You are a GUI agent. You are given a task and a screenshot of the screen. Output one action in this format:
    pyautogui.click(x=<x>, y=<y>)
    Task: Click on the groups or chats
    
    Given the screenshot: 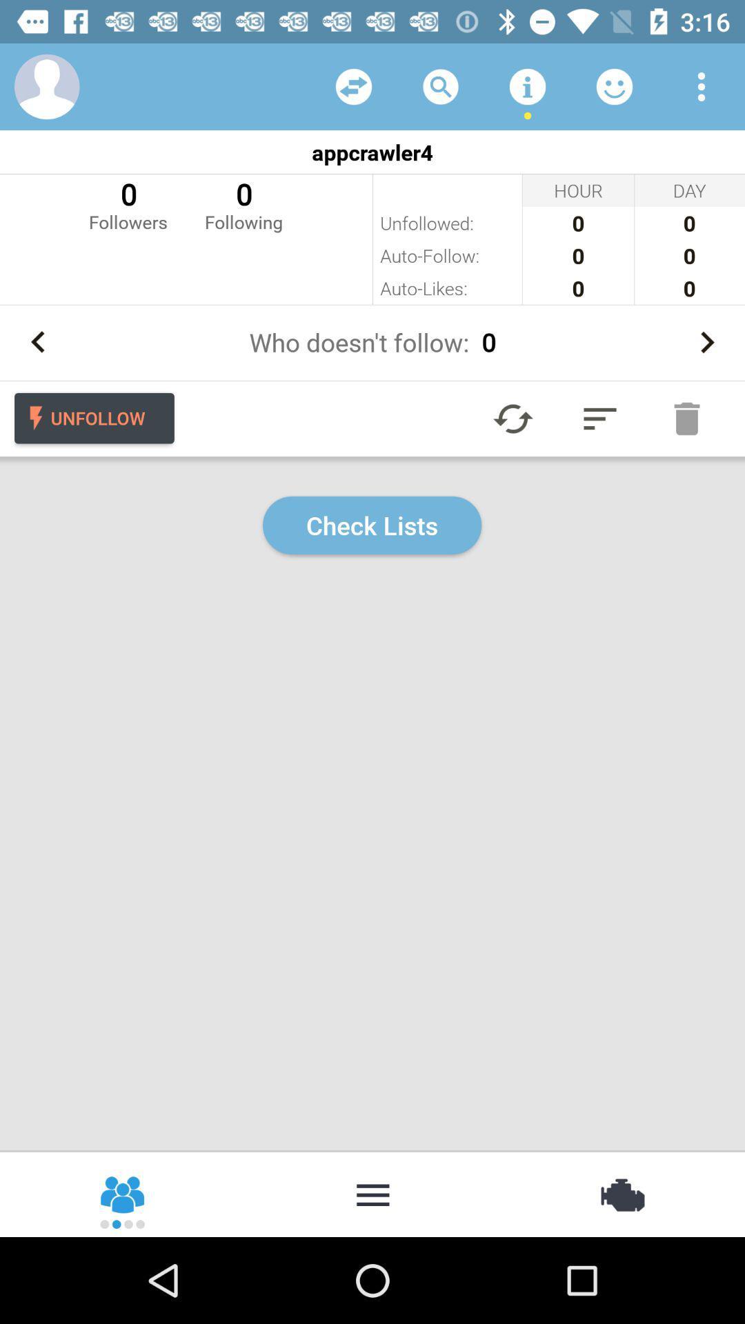 What is the action you would take?
    pyautogui.click(x=123, y=1193)
    